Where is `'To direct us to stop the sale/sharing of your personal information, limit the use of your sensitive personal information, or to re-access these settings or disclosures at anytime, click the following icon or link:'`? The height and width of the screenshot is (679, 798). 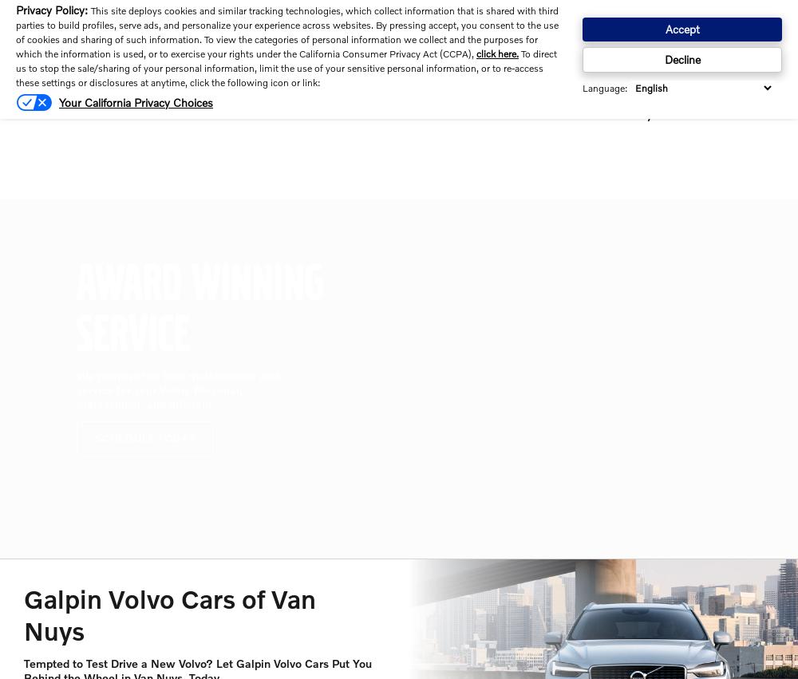
'To direct us to stop the sale/sharing of your personal information, limit the use of your sensitive personal information, or to re-access these settings or disclosures at anytime, click the following icon or link:' is located at coordinates (286, 67).